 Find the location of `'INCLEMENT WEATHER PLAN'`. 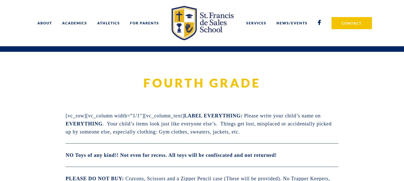

'INCLEMENT WEATHER PLAN' is located at coordinates (179, 58).